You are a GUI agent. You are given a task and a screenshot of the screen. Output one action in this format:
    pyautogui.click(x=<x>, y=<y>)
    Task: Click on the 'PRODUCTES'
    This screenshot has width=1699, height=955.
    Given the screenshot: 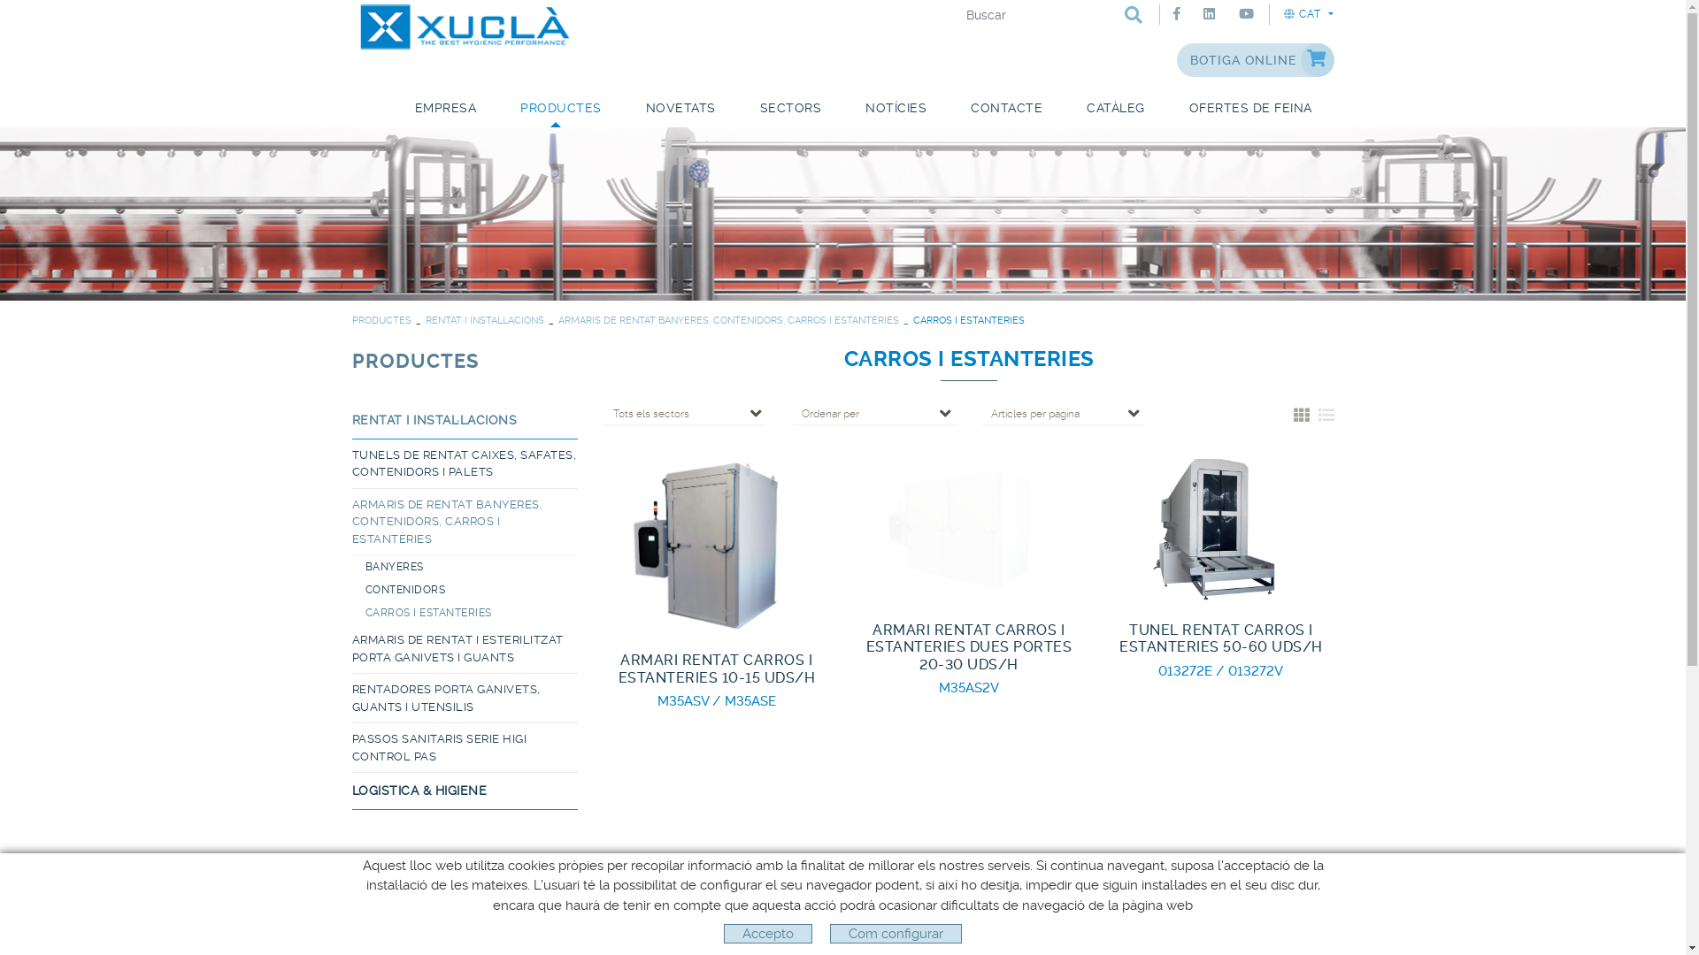 What is the action you would take?
    pyautogui.click(x=352, y=360)
    